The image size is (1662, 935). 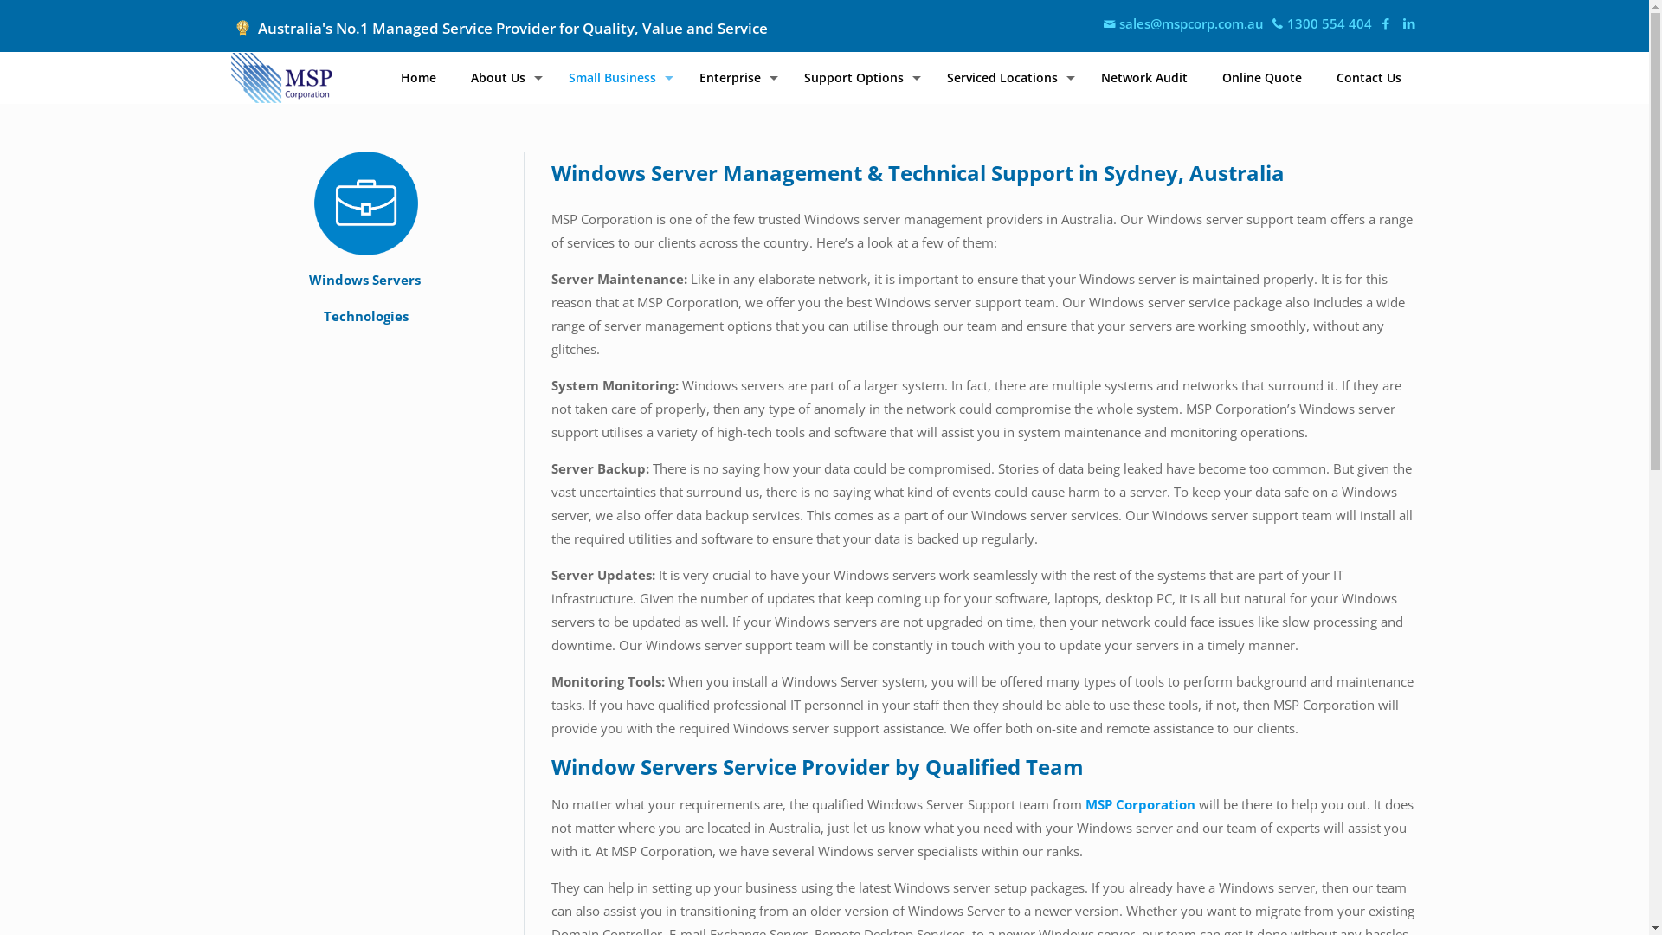 What do you see at coordinates (1319, 23) in the screenshot?
I see `'1300 554 404'` at bounding box center [1319, 23].